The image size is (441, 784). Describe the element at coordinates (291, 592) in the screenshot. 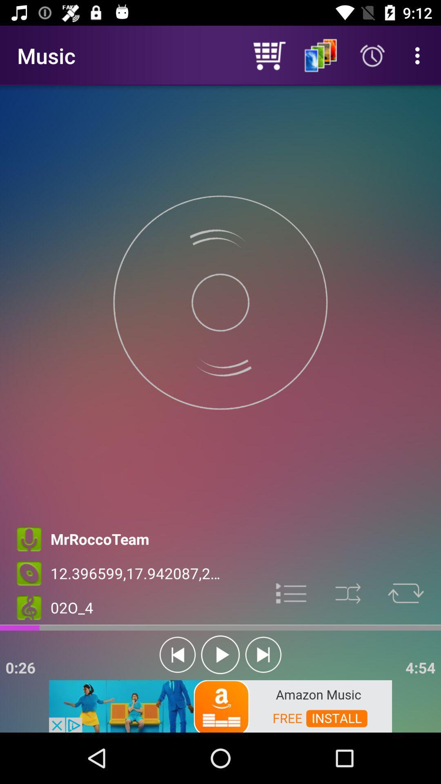

I see `options` at that location.